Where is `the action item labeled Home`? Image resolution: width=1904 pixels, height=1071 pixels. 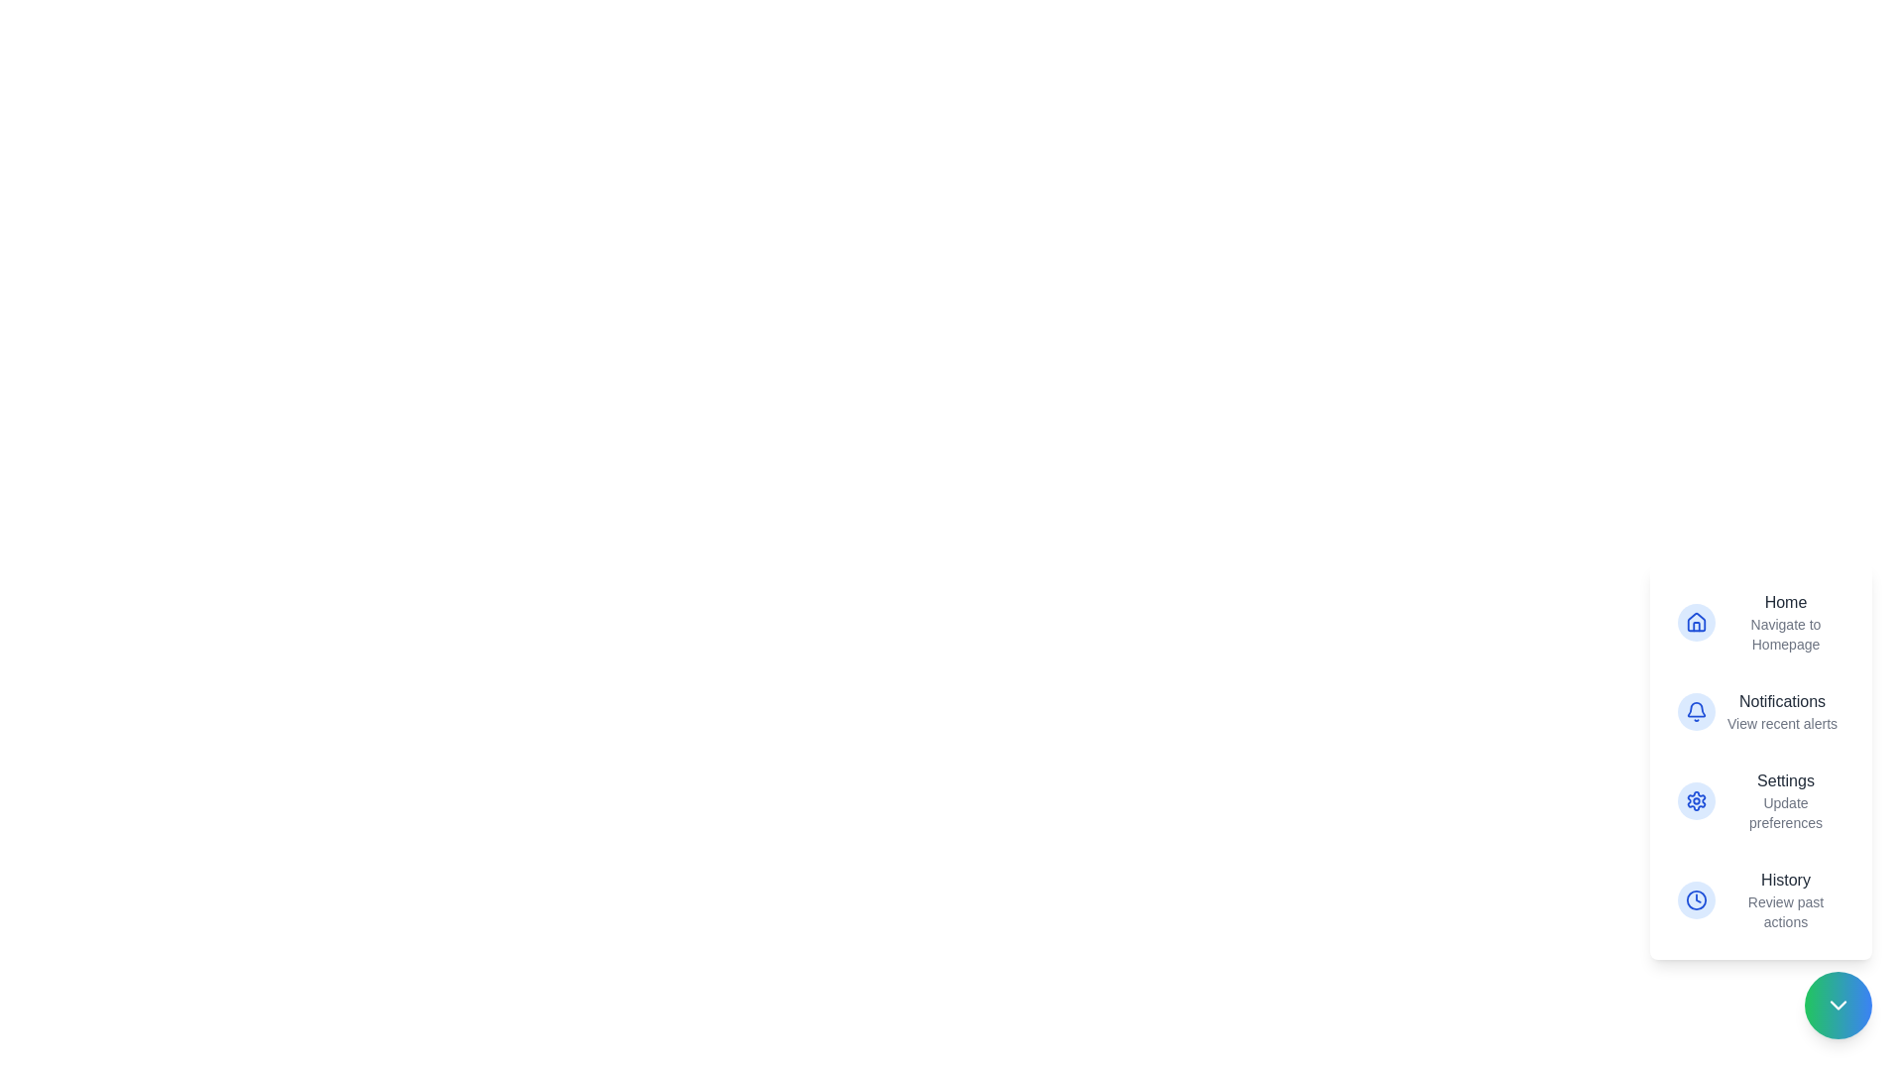 the action item labeled Home is located at coordinates (1761, 622).